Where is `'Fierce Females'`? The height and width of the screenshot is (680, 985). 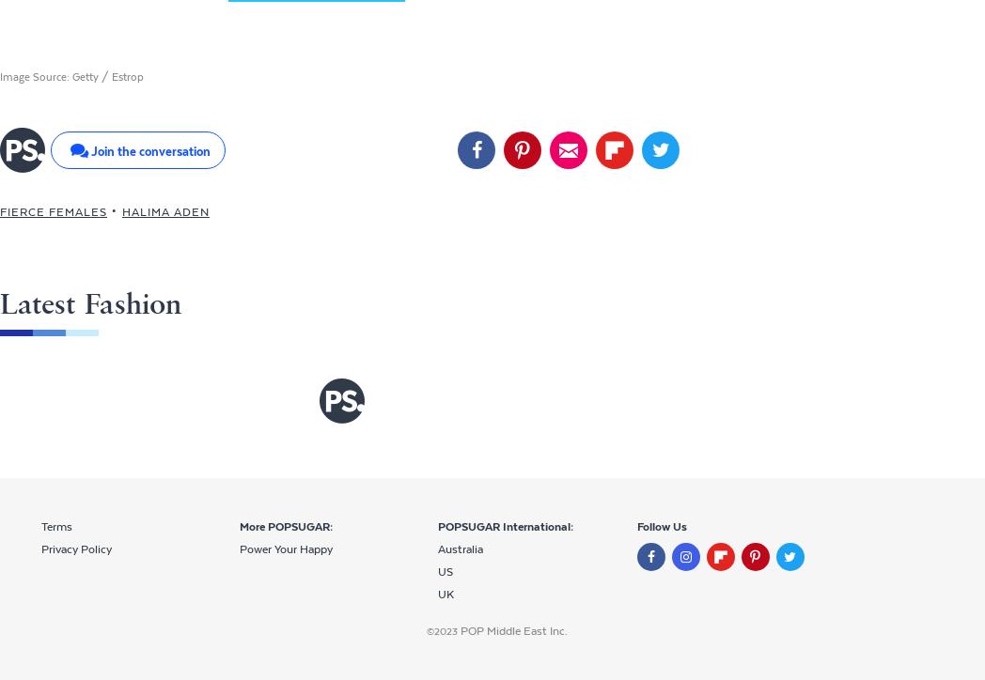 'Fierce Females' is located at coordinates (54, 211).